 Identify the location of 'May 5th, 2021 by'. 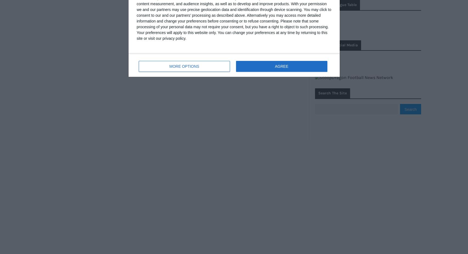
(172, 184).